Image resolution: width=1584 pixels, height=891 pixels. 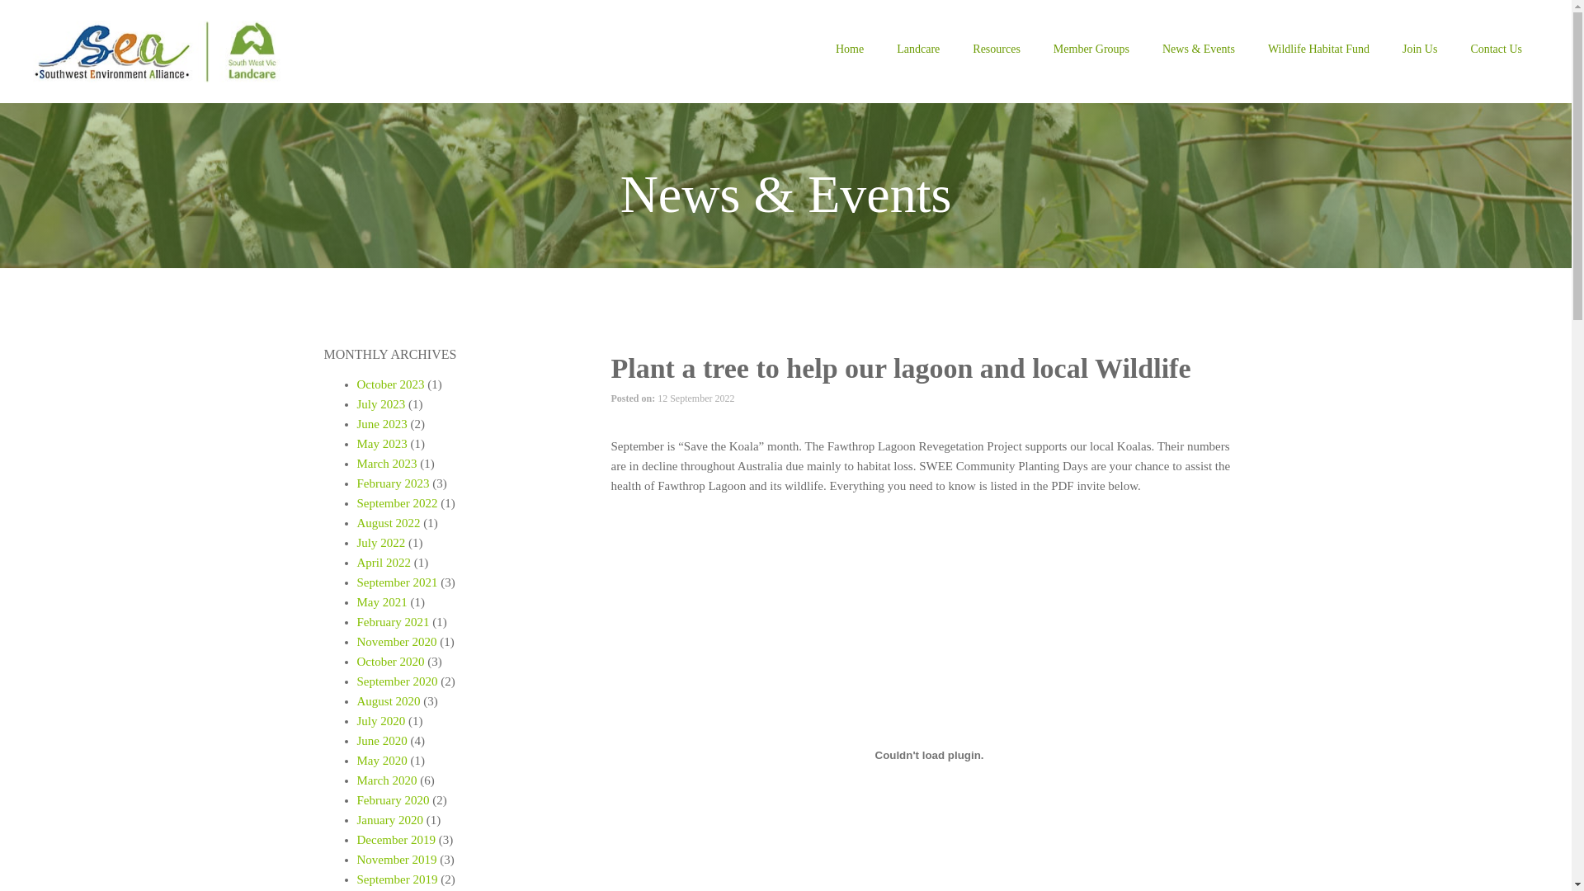 I want to click on 'July 2020', so click(x=379, y=720).